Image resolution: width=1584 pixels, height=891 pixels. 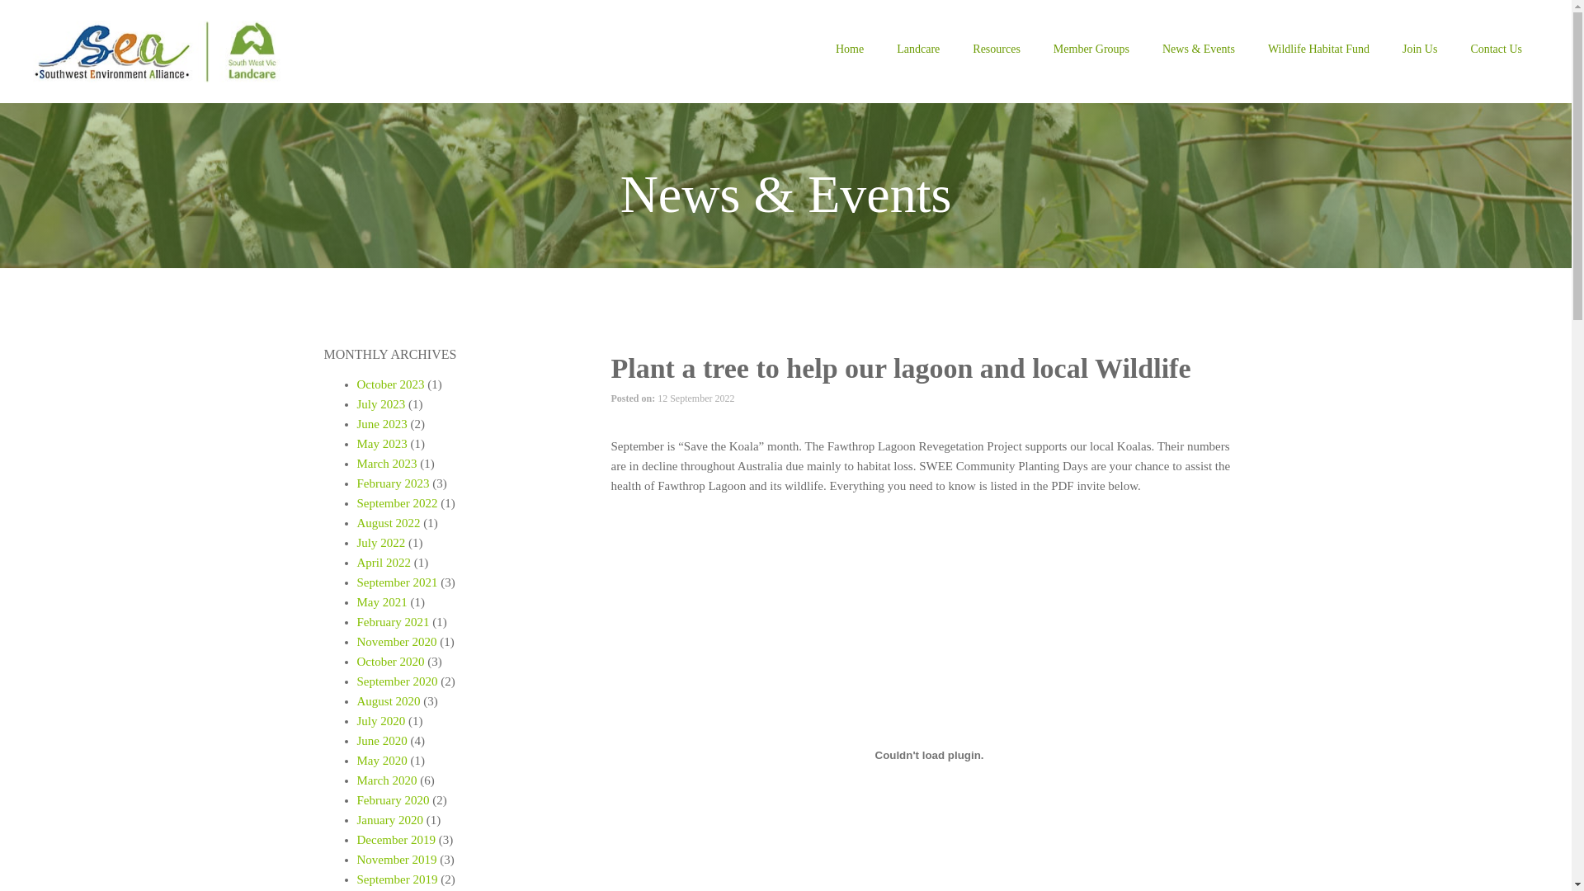 I want to click on 'July 2020', so click(x=379, y=720).